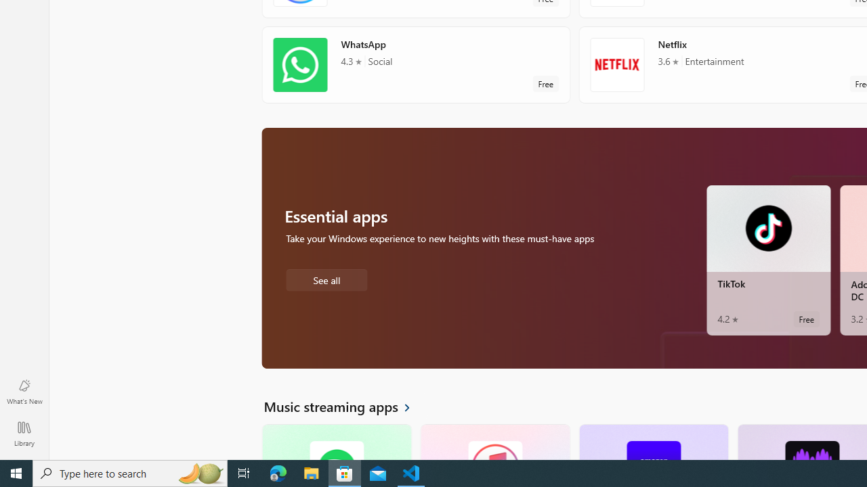 The image size is (867, 487). I want to click on 'WhatsApp. Average rating of 4.3 out of five stars. Free  ', so click(415, 64).